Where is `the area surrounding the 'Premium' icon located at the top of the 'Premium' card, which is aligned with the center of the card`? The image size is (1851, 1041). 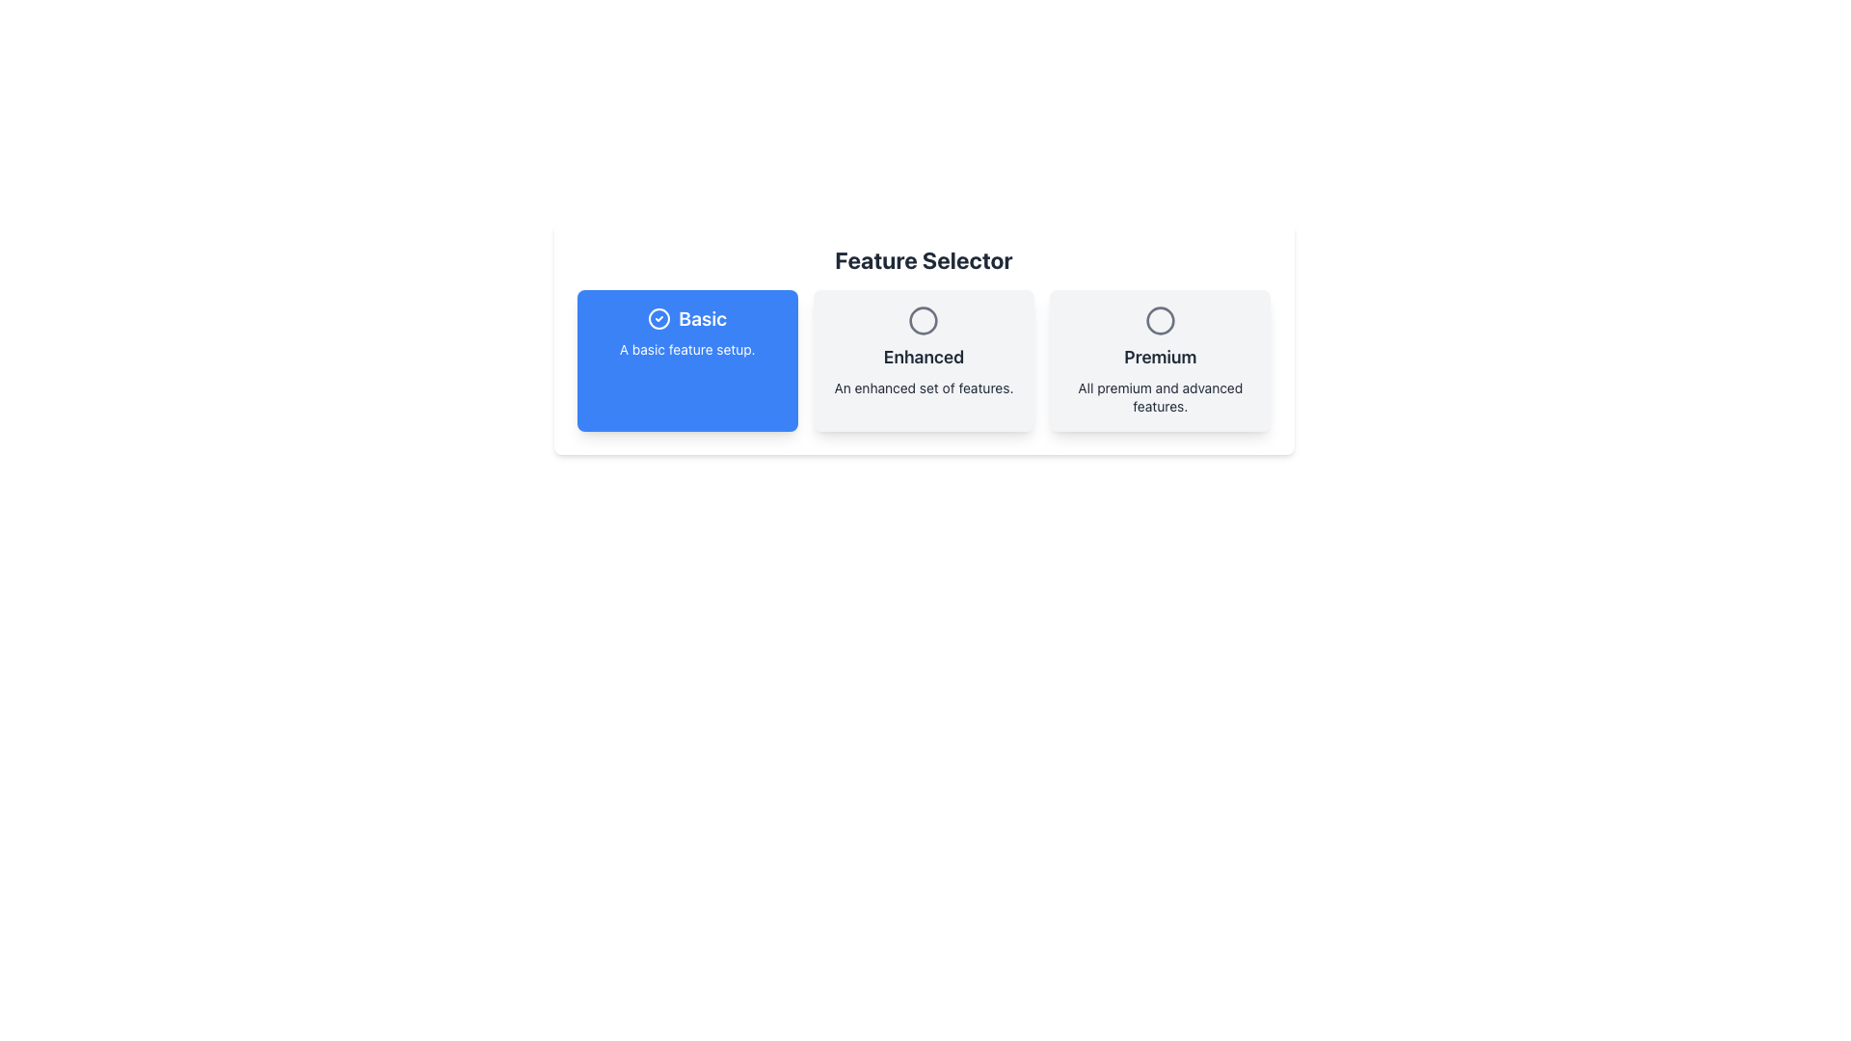 the area surrounding the 'Premium' icon located at the top of the 'Premium' card, which is aligned with the center of the card is located at coordinates (1159, 319).